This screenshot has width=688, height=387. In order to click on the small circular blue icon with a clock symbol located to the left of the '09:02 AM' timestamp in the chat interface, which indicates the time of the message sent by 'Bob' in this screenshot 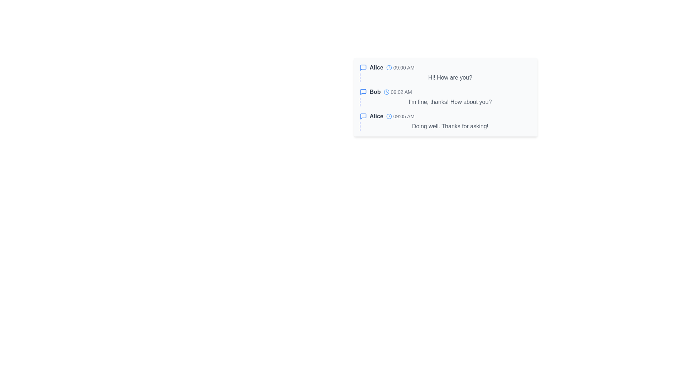, I will do `click(386, 92)`.